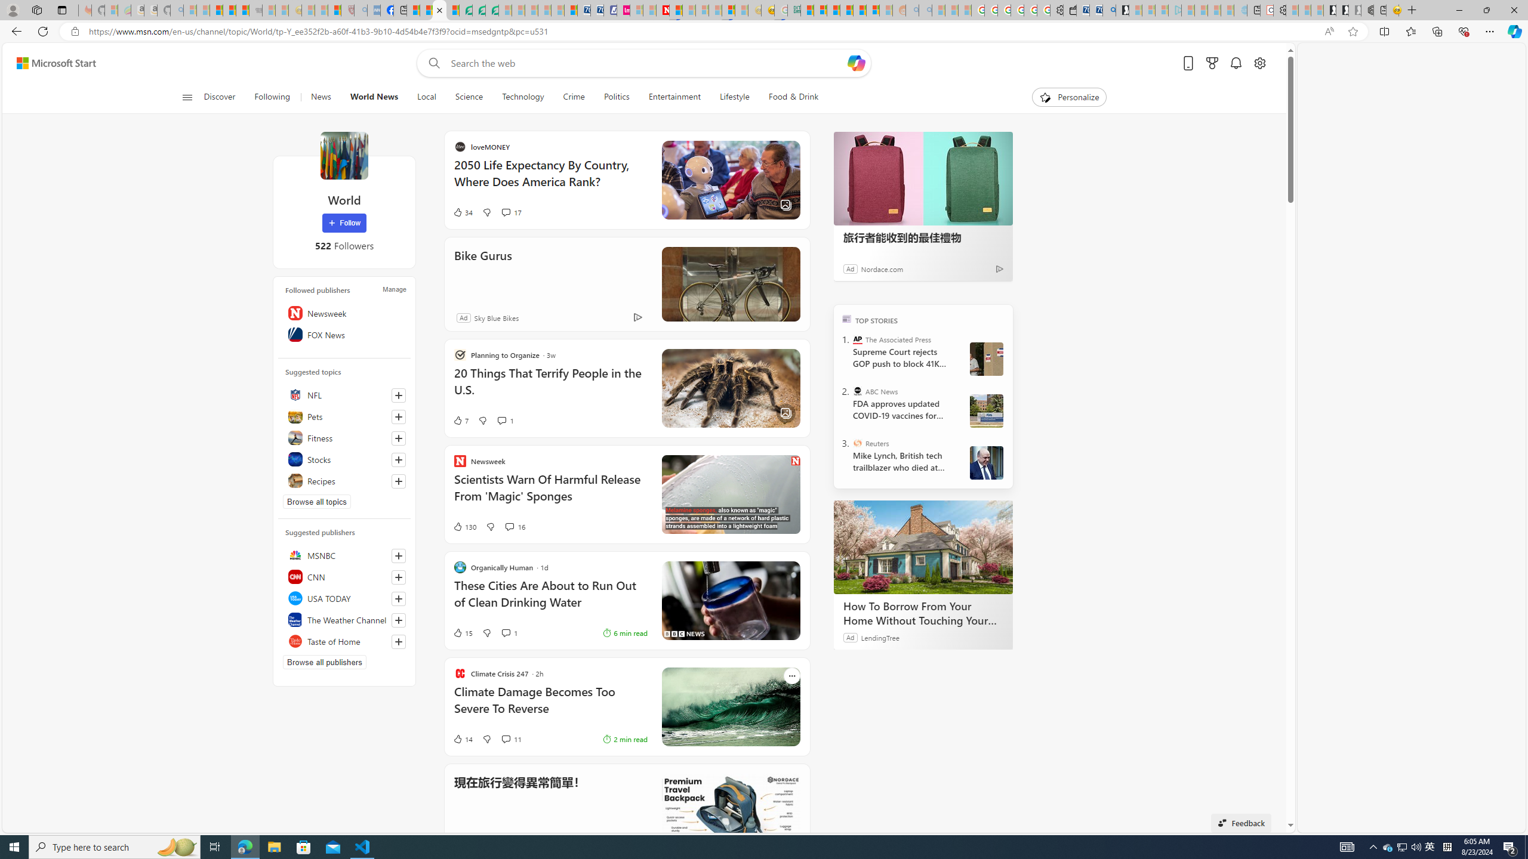 Image resolution: width=1528 pixels, height=859 pixels. What do you see at coordinates (316, 500) in the screenshot?
I see `'Browse all topics'` at bounding box center [316, 500].